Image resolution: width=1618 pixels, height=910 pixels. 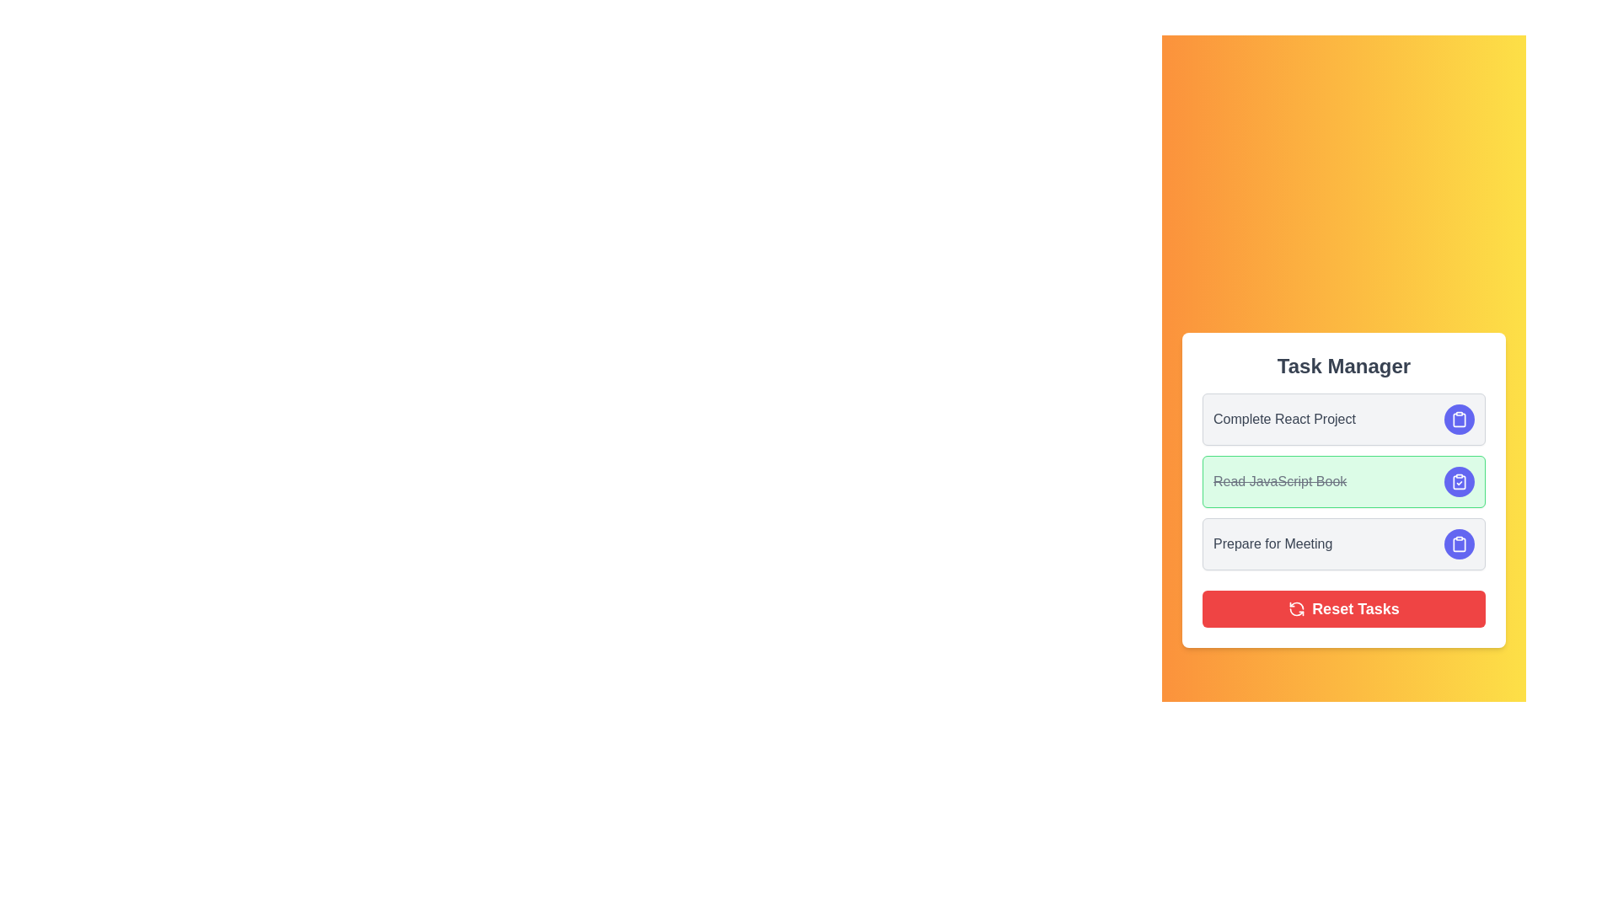 What do you see at coordinates (1342, 490) in the screenshot?
I see `the clipboard button of the completed task entry in the to-do list, which is the second item in the vertical list` at bounding box center [1342, 490].